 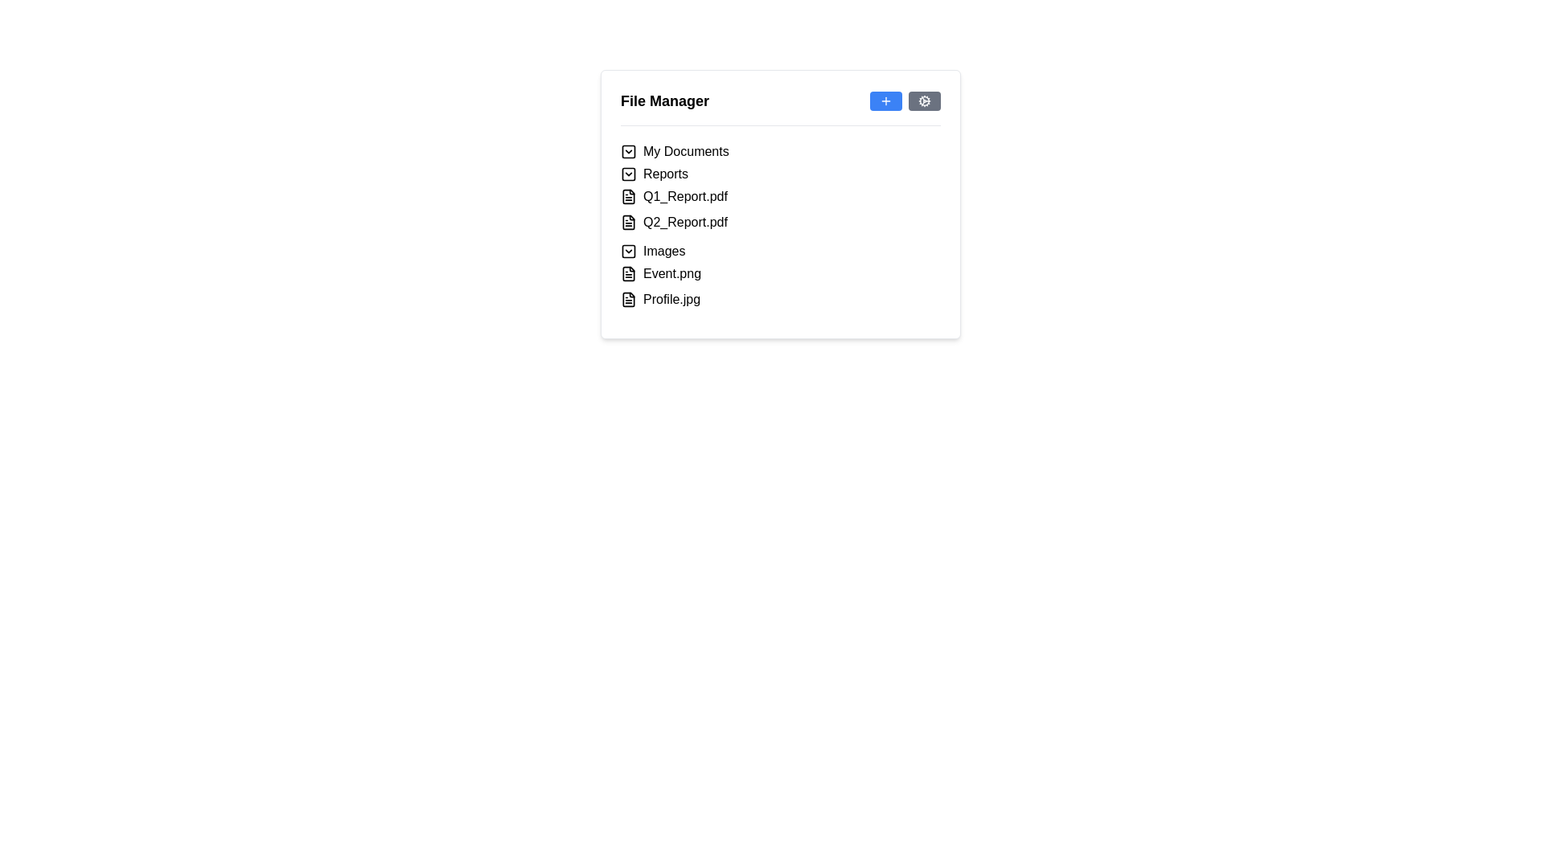 What do you see at coordinates (663, 251) in the screenshot?
I see `the 'Images' text label located in the 'File Manager' section under the 'Reports' node` at bounding box center [663, 251].